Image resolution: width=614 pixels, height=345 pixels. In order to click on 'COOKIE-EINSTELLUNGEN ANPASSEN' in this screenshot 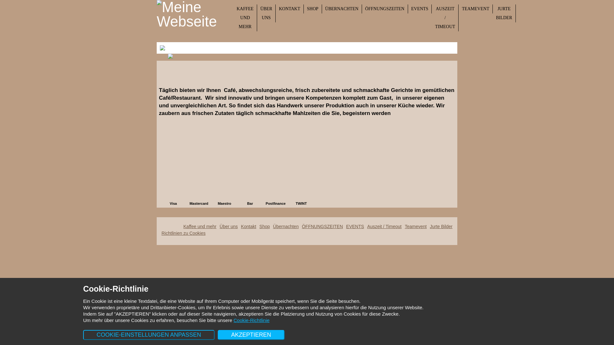, I will do `click(148, 334)`.